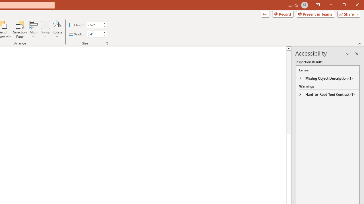 The image size is (364, 204). Describe the element at coordinates (57, 29) in the screenshot. I see `'Rotate'` at that location.